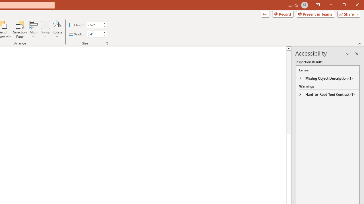 The image size is (364, 204). Describe the element at coordinates (57, 29) in the screenshot. I see `'Rotate'` at that location.